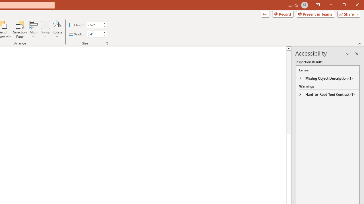 The image size is (364, 204). Describe the element at coordinates (57, 29) in the screenshot. I see `'Rotate'` at that location.